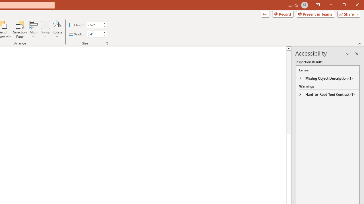 The image size is (364, 204). Describe the element at coordinates (57, 29) in the screenshot. I see `'Rotate'` at that location.